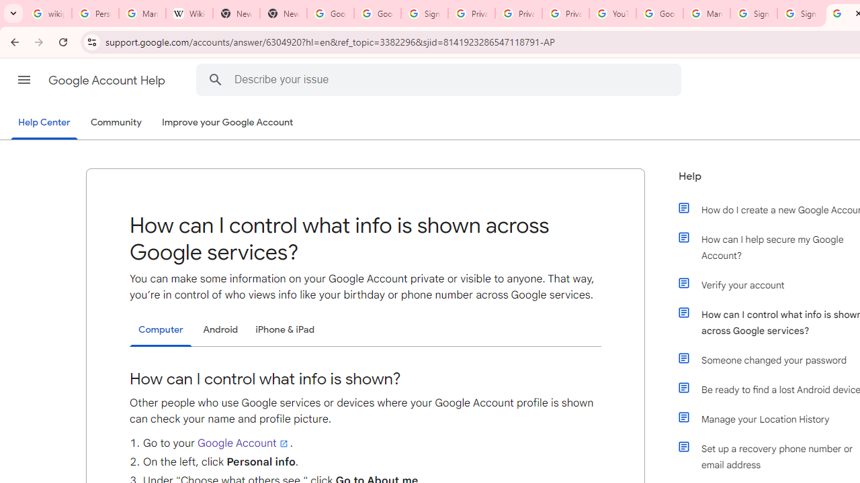  Describe the element at coordinates (753, 13) in the screenshot. I see `'Sign in - Google Accounts'` at that location.